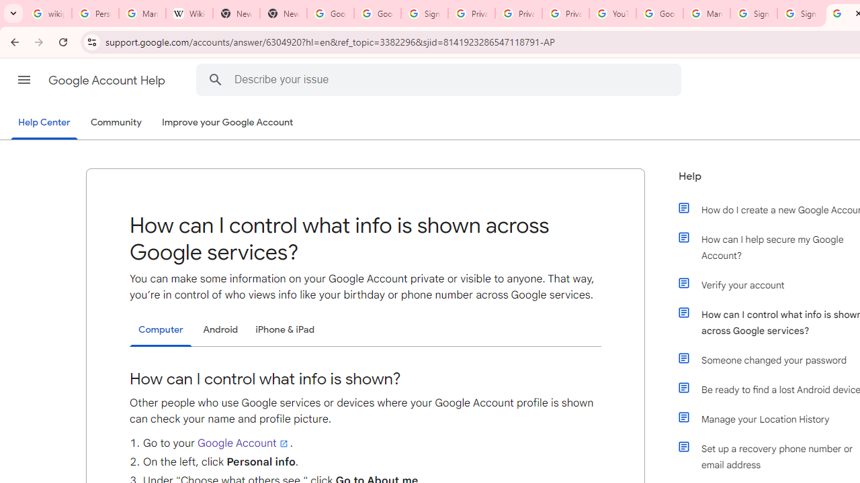  Describe the element at coordinates (753, 13) in the screenshot. I see `'Sign in - Google Accounts'` at that location.